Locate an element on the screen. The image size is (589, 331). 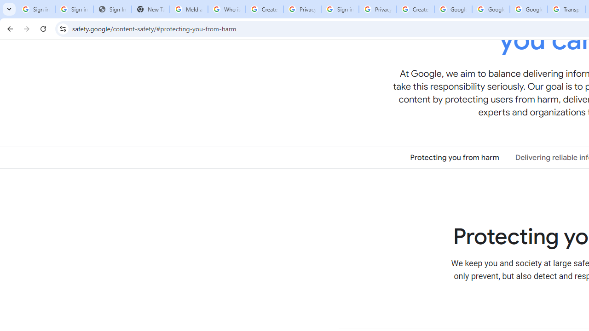
'Sign In - USA TODAY' is located at coordinates (112, 9).